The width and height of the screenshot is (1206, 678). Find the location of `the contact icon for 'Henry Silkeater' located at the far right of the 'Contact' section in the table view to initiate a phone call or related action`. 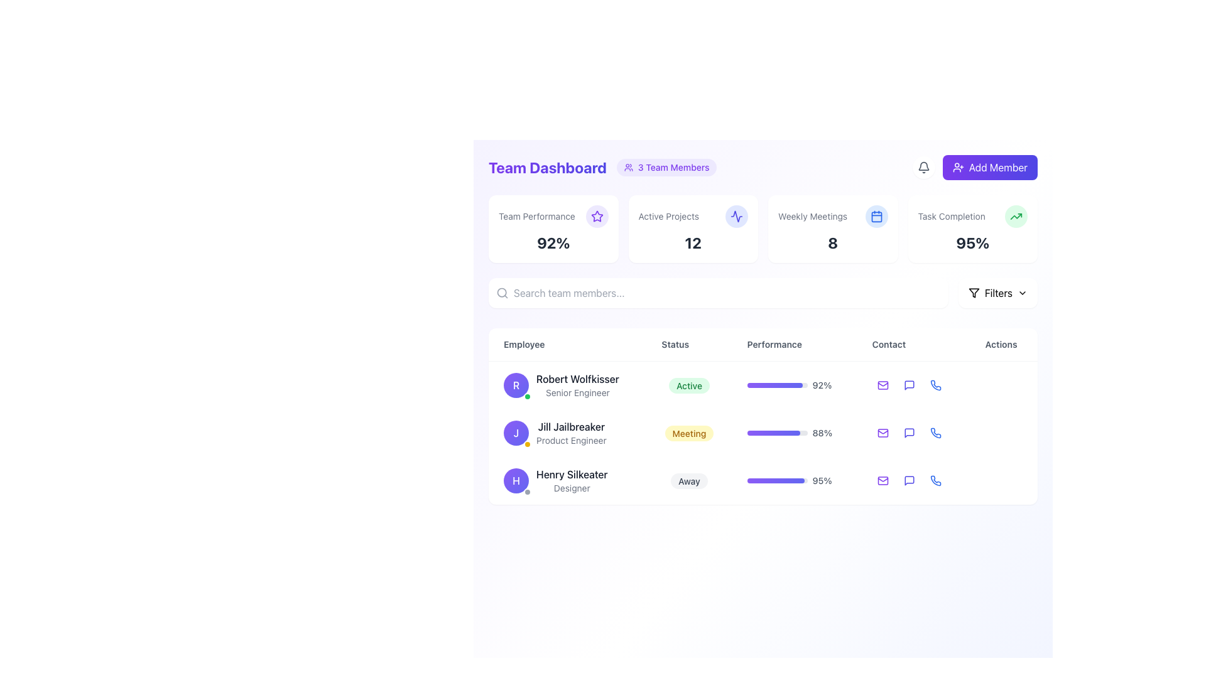

the contact icon for 'Henry Silkeater' located at the far right of the 'Contact' section in the table view to initiate a phone call or related action is located at coordinates (935, 433).